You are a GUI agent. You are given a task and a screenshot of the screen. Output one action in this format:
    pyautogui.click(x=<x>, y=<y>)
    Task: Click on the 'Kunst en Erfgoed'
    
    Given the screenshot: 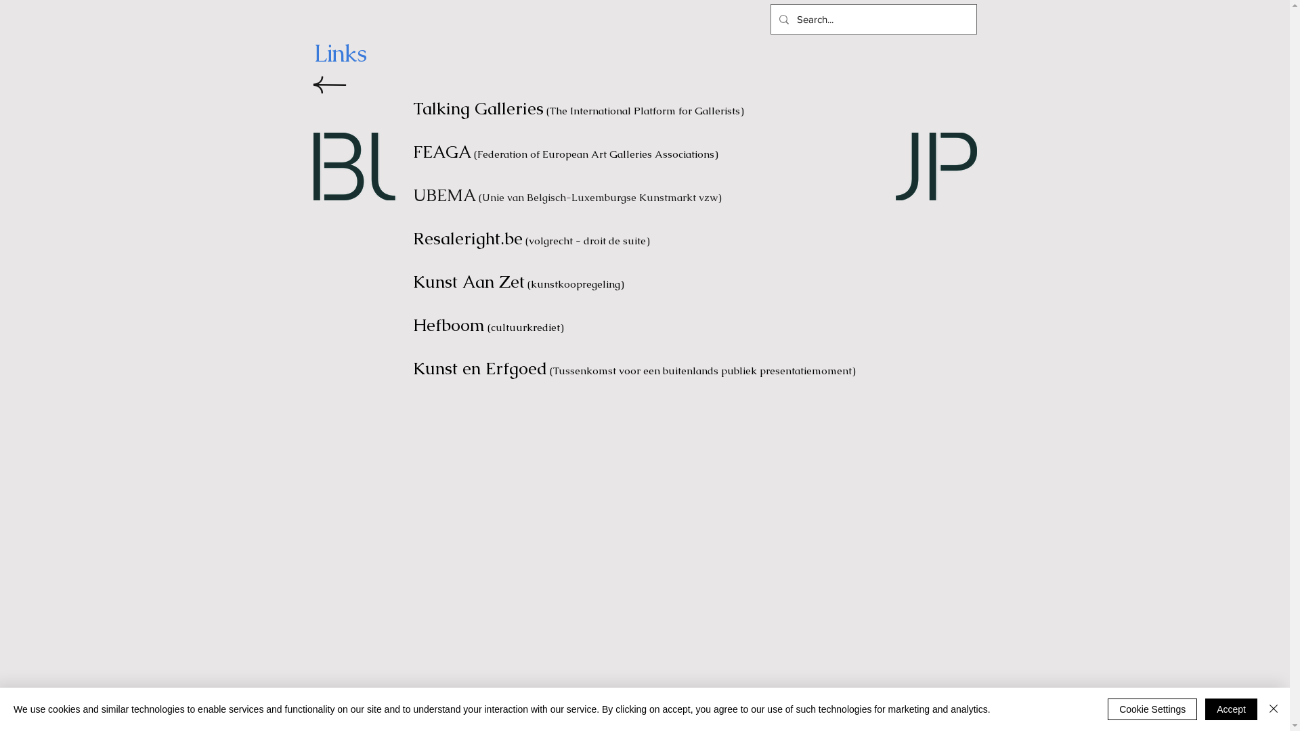 What is the action you would take?
    pyautogui.click(x=480, y=368)
    